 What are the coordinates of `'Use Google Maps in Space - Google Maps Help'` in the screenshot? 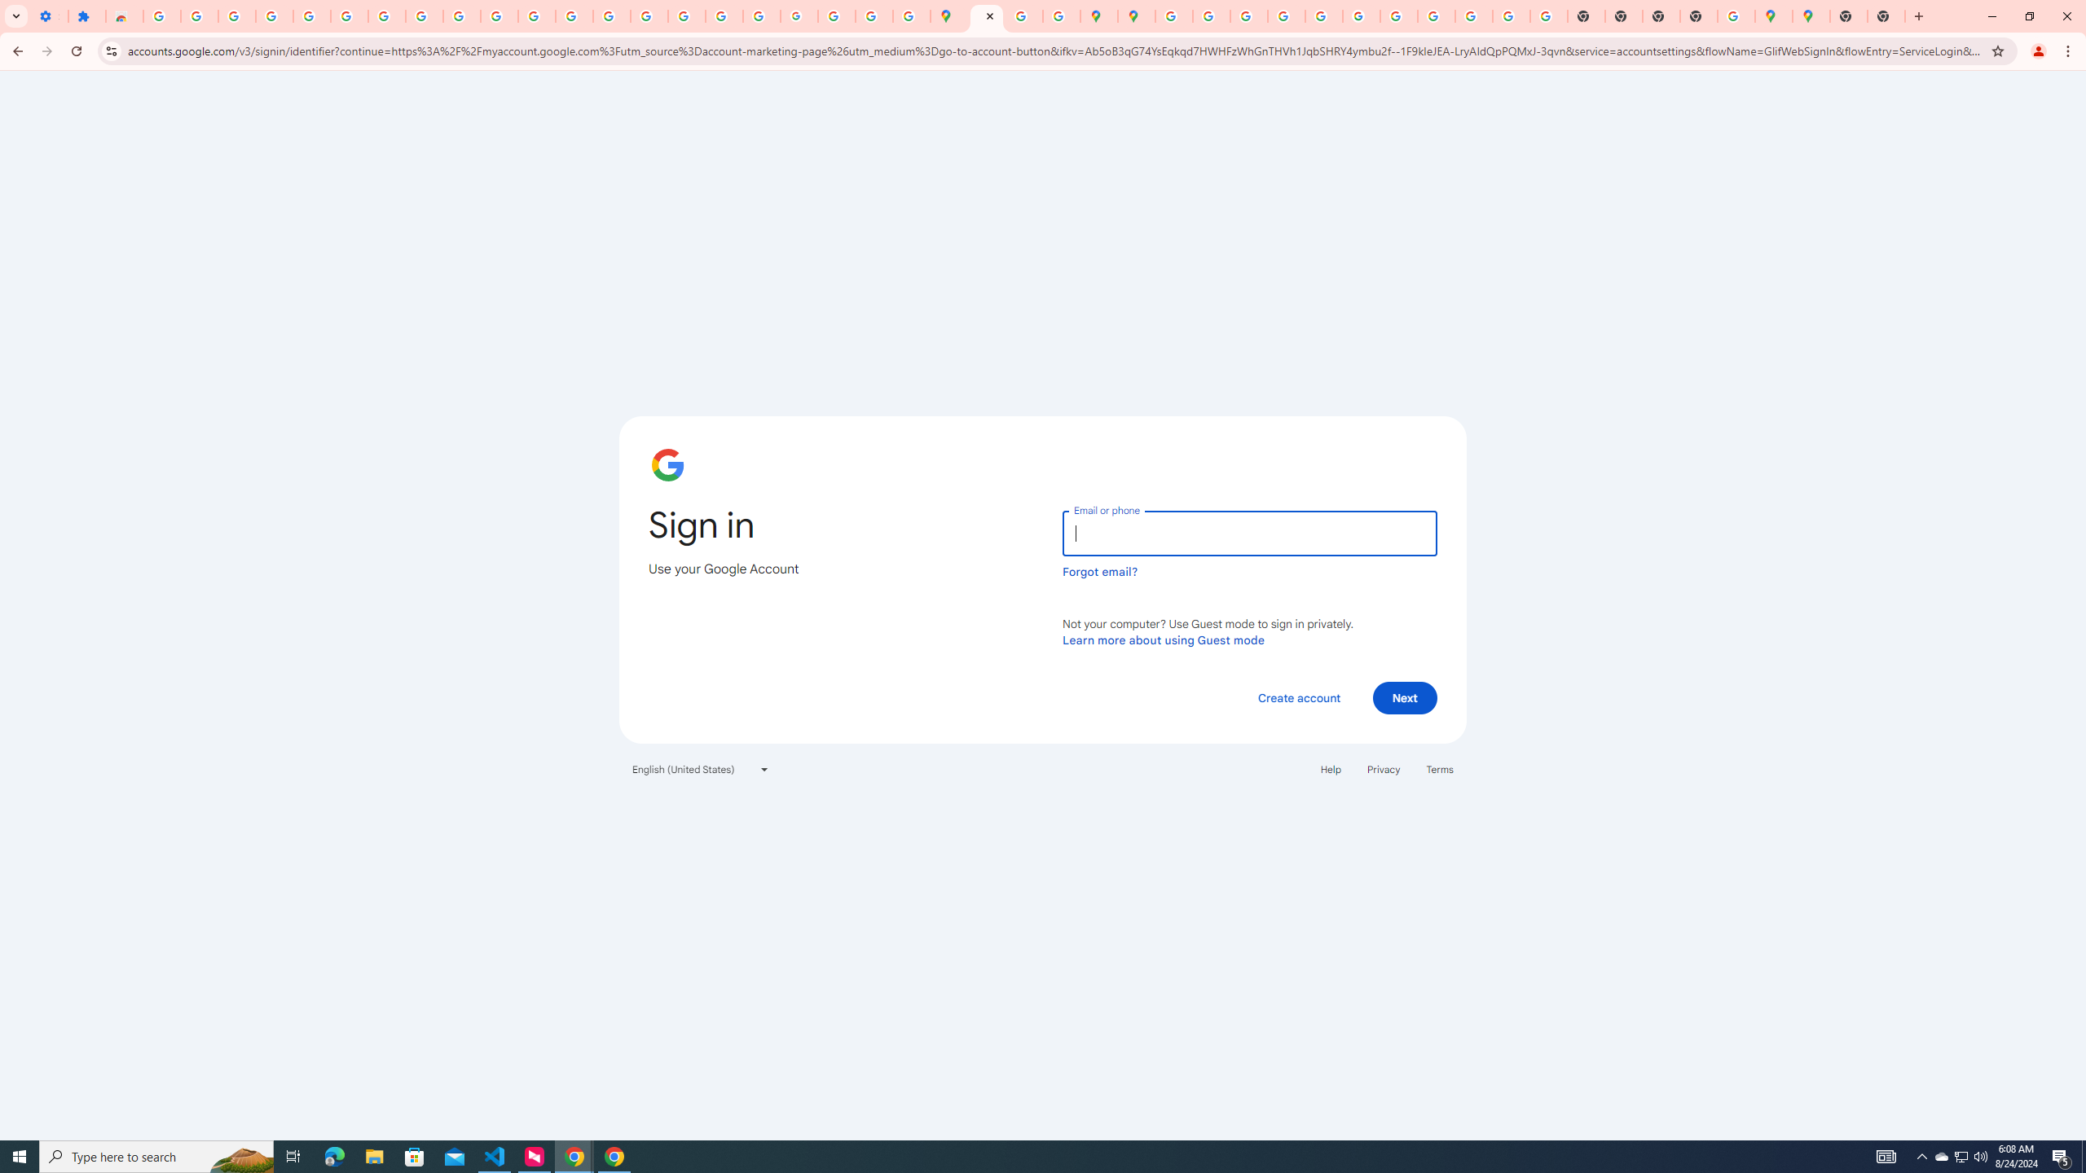 It's located at (1736, 15).